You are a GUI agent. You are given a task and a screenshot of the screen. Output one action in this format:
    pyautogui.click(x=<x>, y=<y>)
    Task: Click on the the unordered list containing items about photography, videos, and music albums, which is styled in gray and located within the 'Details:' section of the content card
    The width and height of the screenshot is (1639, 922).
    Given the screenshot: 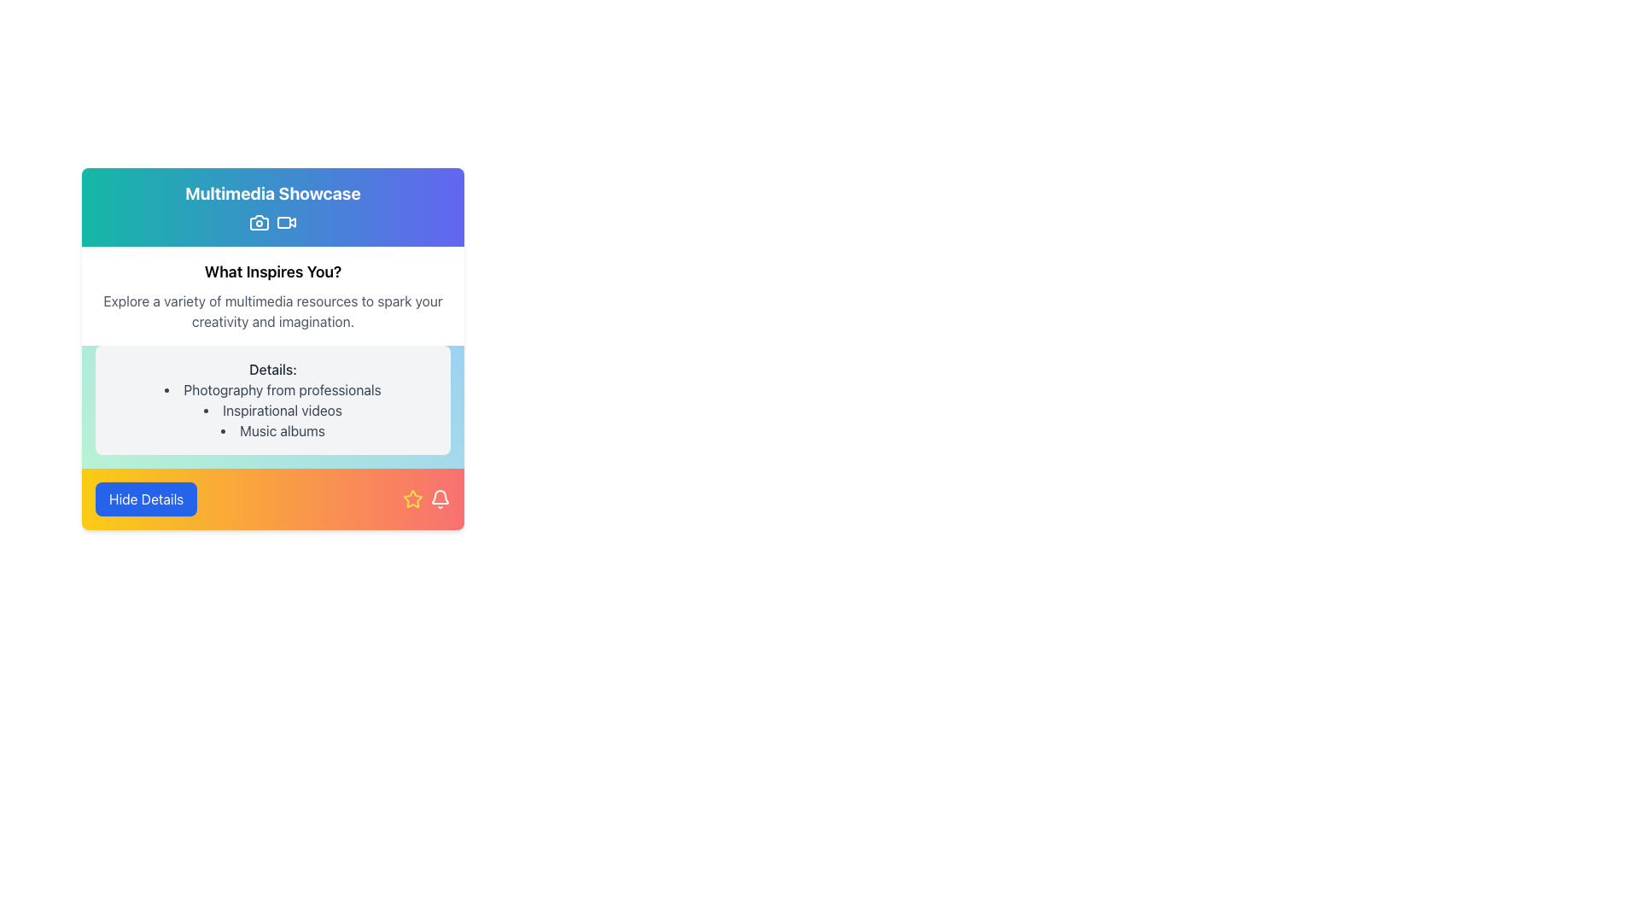 What is the action you would take?
    pyautogui.click(x=273, y=411)
    